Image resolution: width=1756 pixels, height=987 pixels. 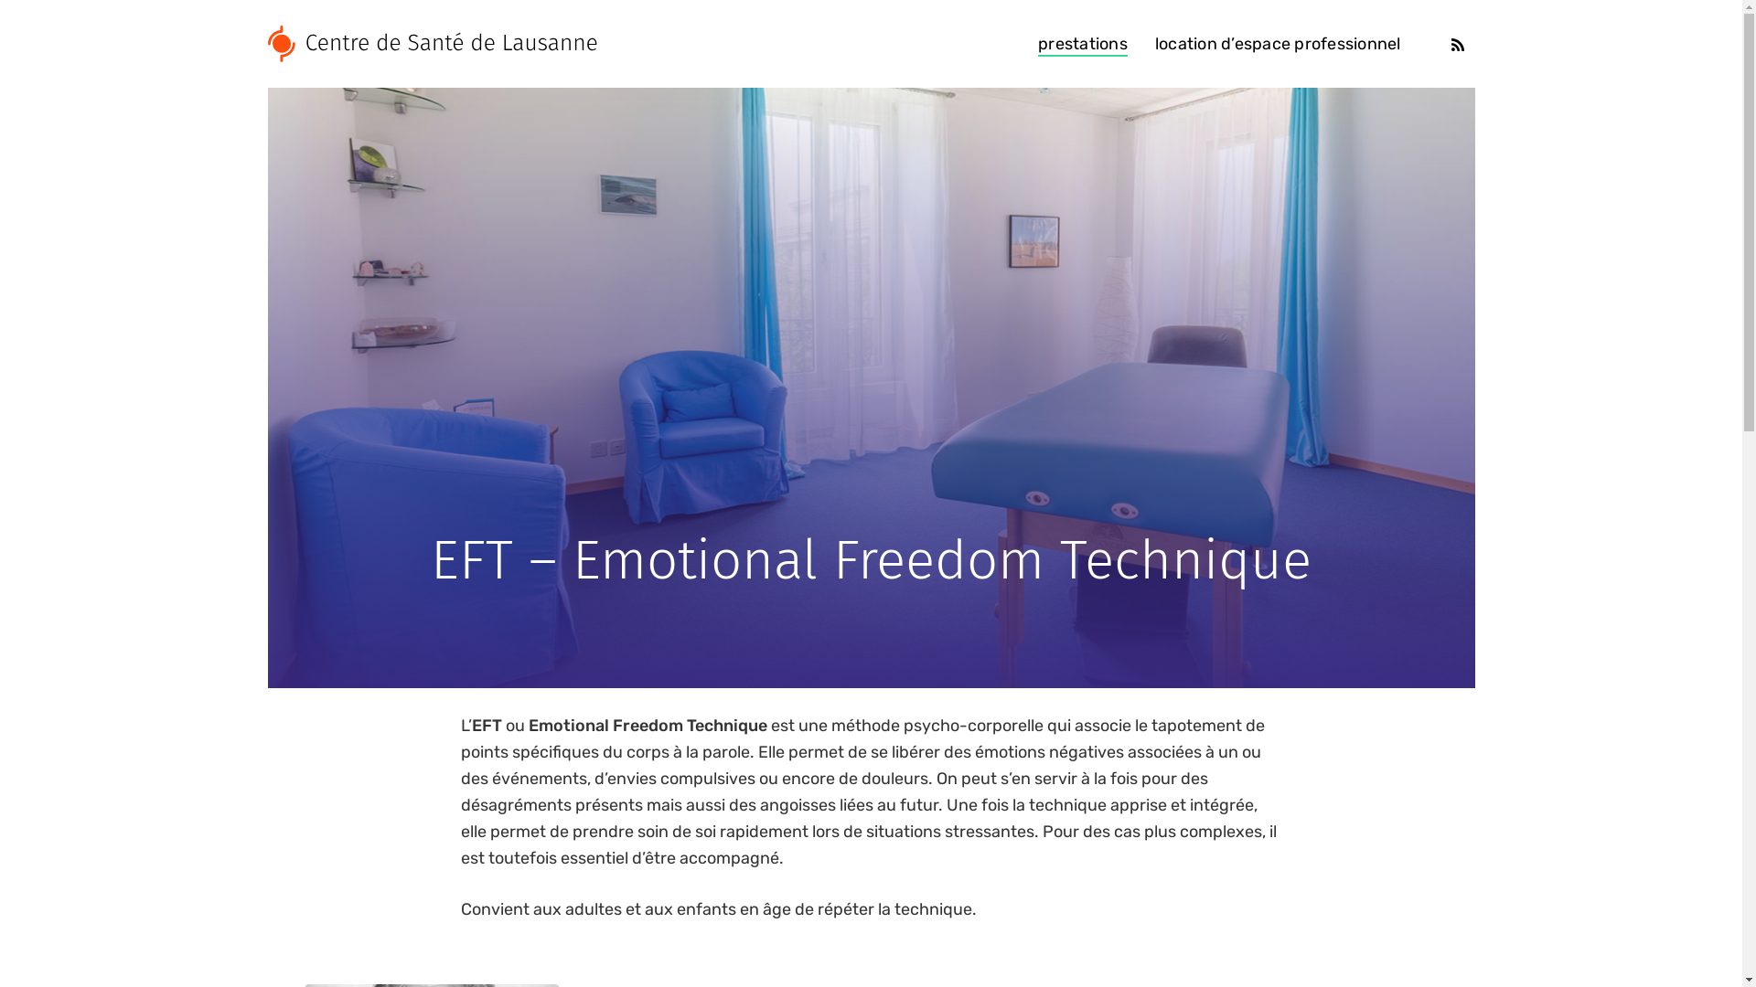 What do you see at coordinates (1037, 42) in the screenshot?
I see `'prestations'` at bounding box center [1037, 42].